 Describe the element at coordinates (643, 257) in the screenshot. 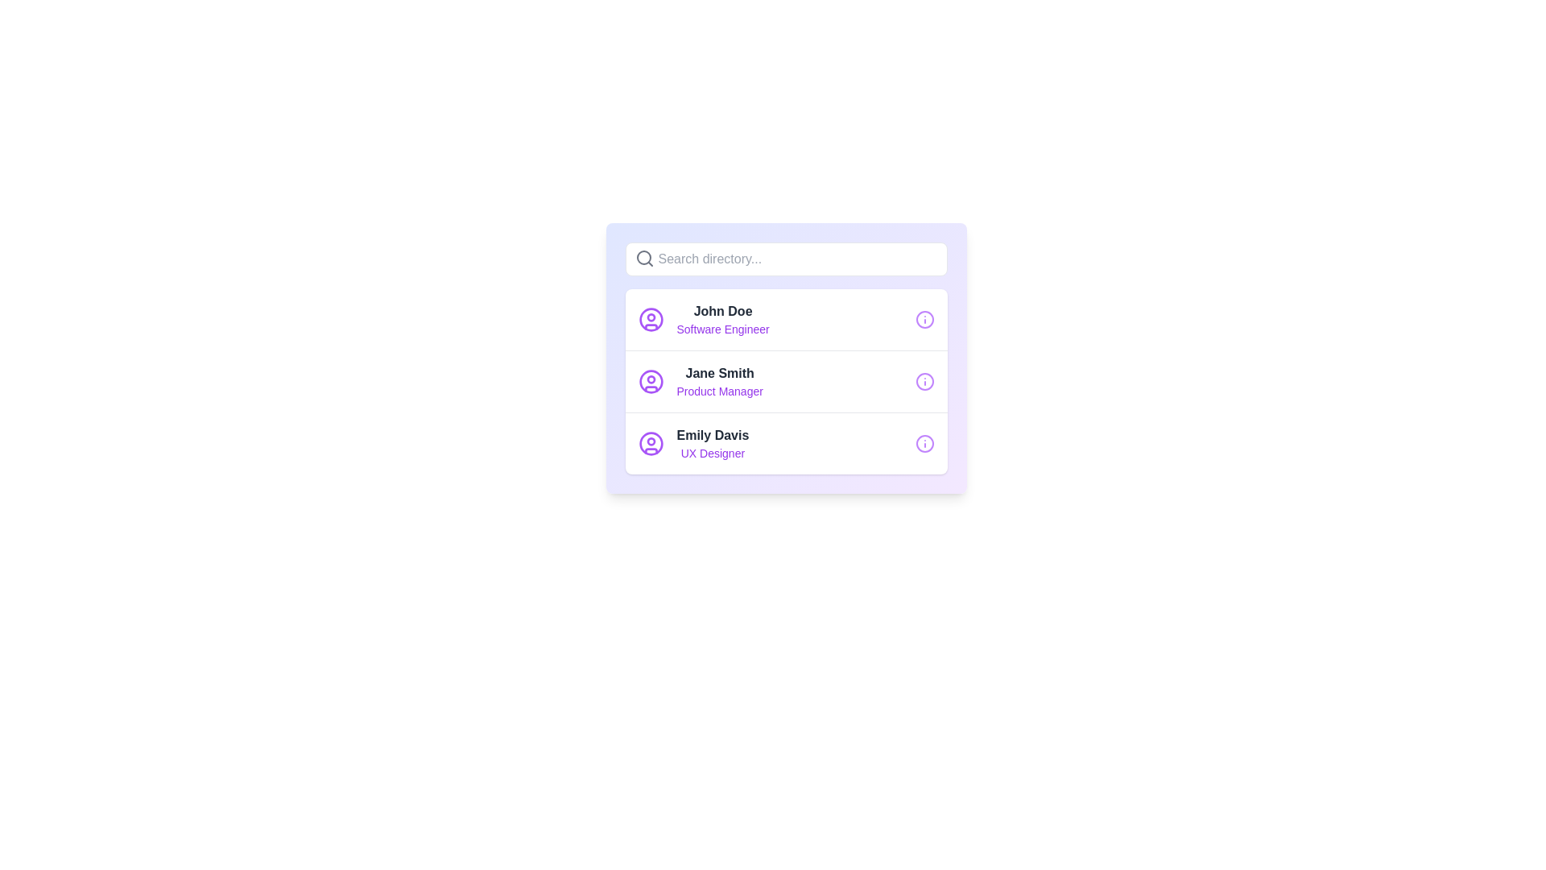

I see `the graphic element that is part of the search icon located at the top-left corner of the search interface within the search box` at that location.